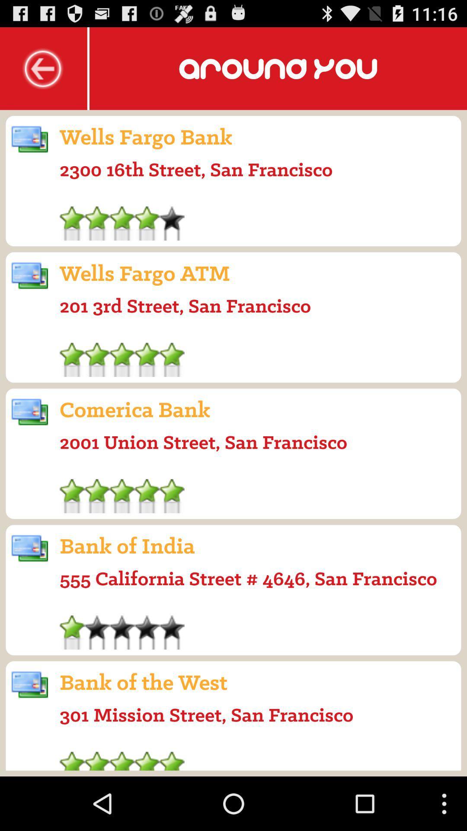 This screenshot has height=831, width=467. I want to click on 201 3rd street icon, so click(185, 306).